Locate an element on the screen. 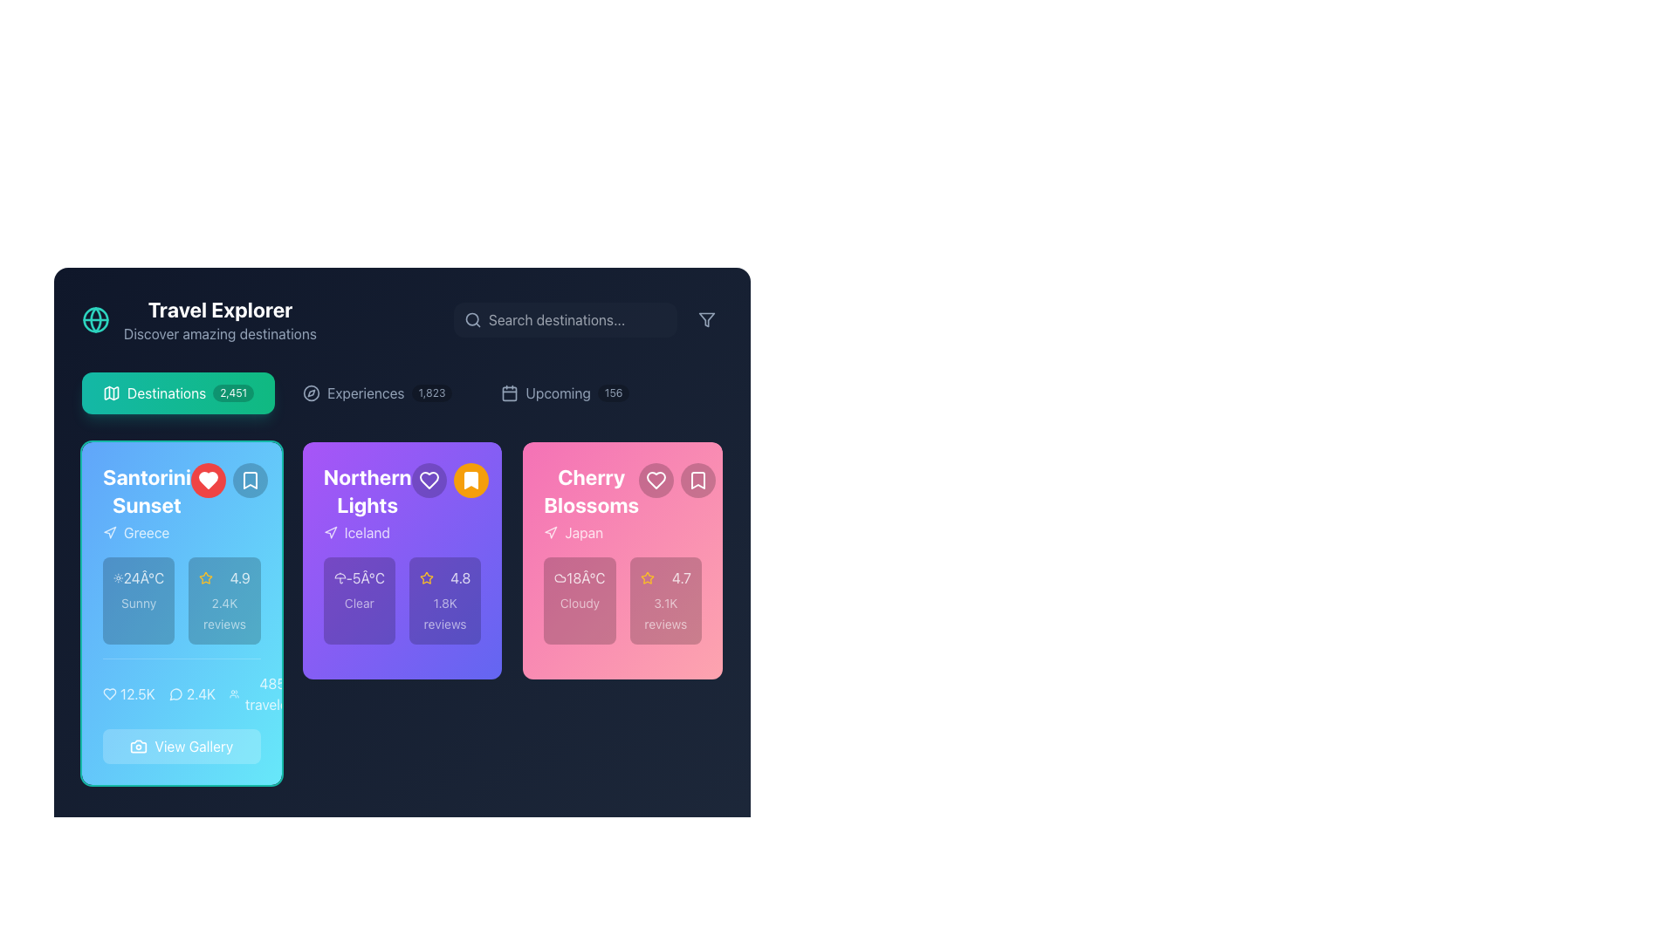  the navigation icon associated with the label 'Japan', which is located to the left of the text and aligned horizontally with it is located at coordinates (550, 531).